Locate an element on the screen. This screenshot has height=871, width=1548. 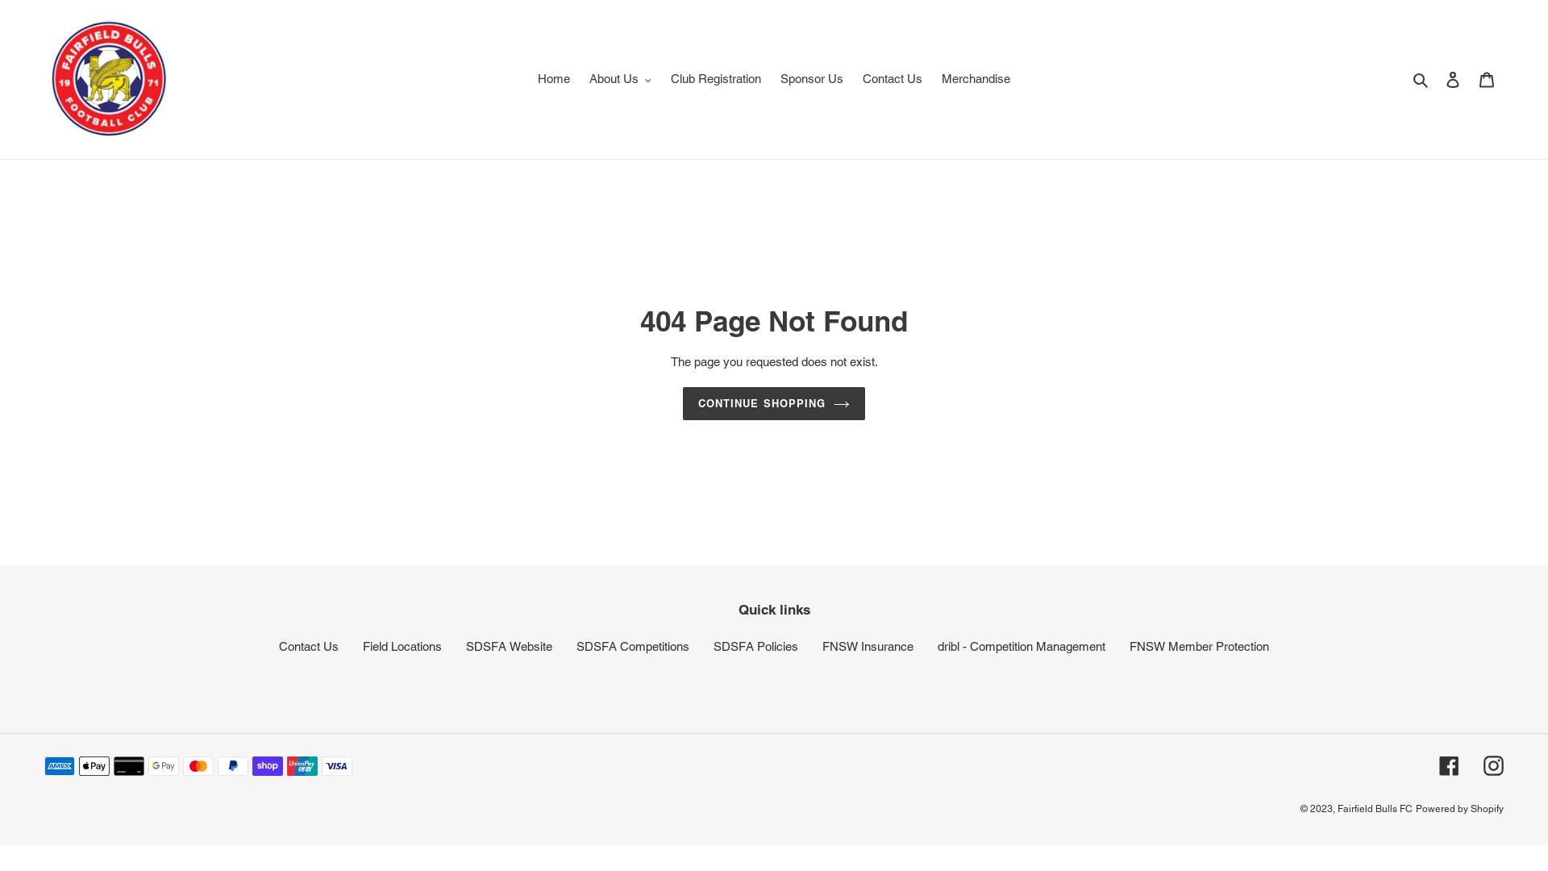
'Cart' is located at coordinates (1485, 79).